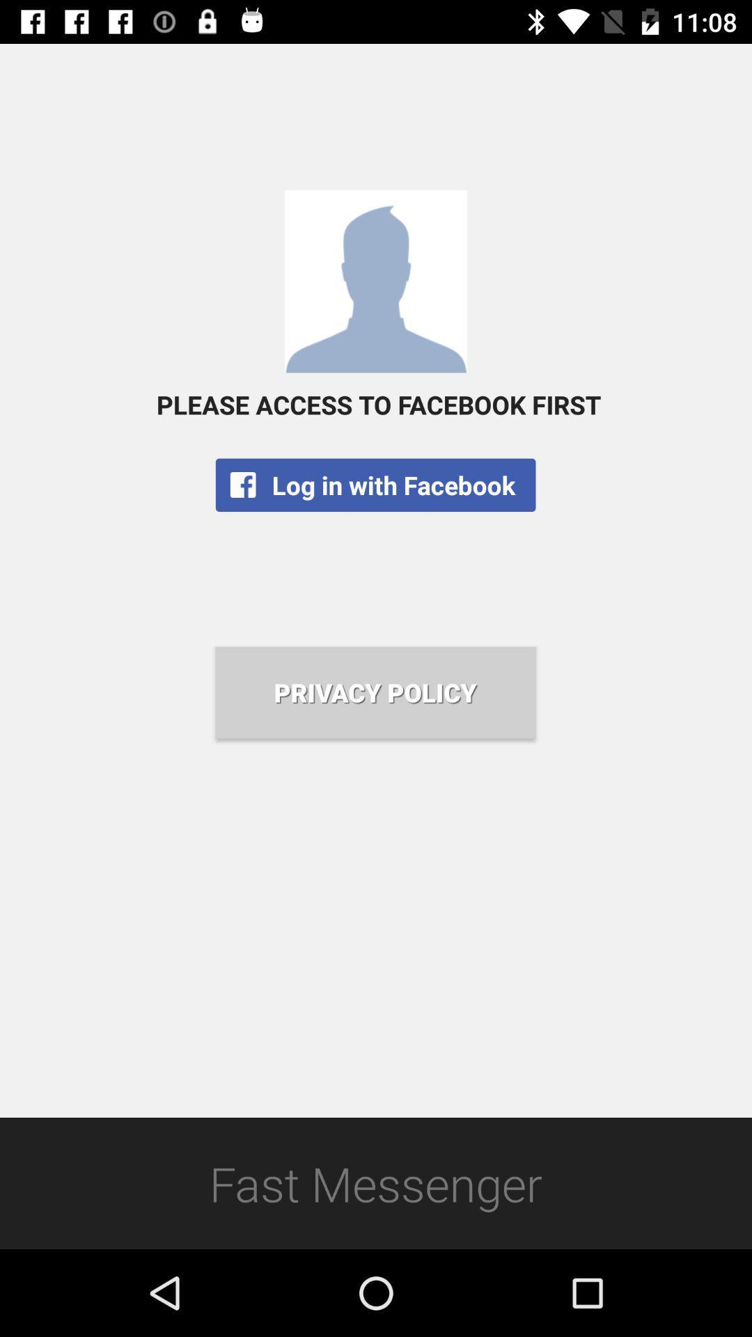  Describe the element at coordinates (375, 485) in the screenshot. I see `item above privacy policy button` at that location.